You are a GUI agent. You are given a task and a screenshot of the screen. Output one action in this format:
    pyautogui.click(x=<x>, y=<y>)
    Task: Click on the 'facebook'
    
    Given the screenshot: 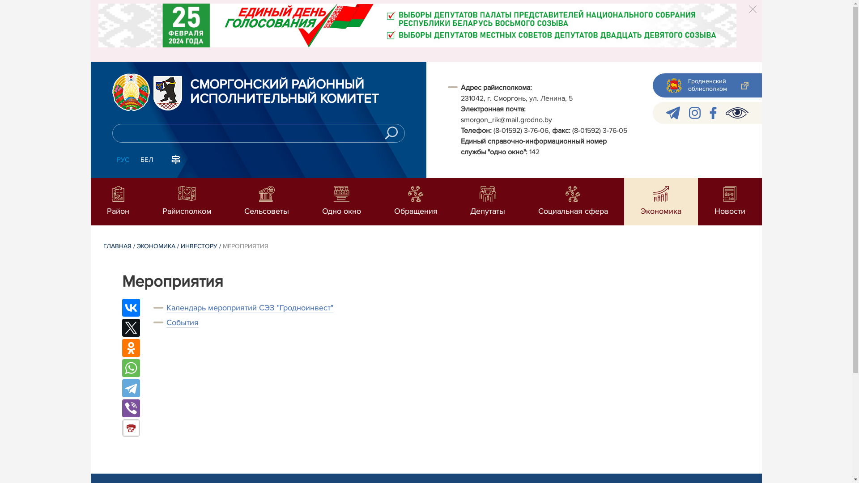 What is the action you would take?
    pyautogui.click(x=712, y=112)
    